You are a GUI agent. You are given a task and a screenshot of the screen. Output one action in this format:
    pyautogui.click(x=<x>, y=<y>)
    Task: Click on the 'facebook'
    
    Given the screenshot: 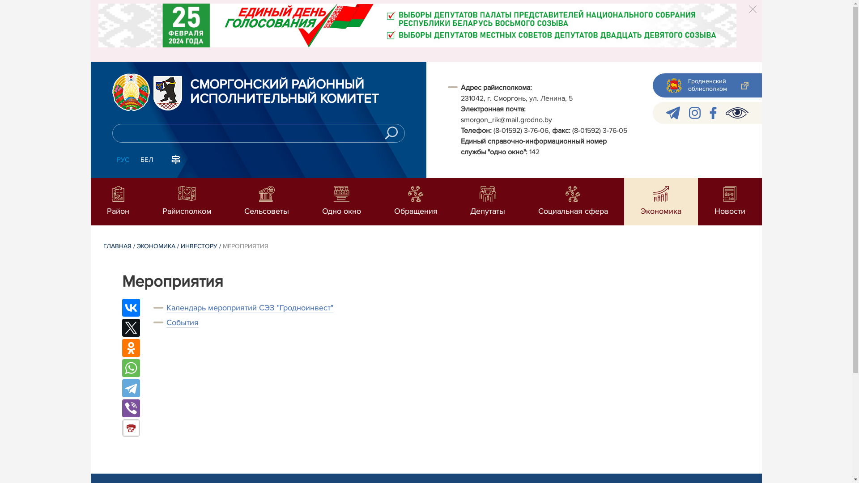 What is the action you would take?
    pyautogui.click(x=712, y=112)
    